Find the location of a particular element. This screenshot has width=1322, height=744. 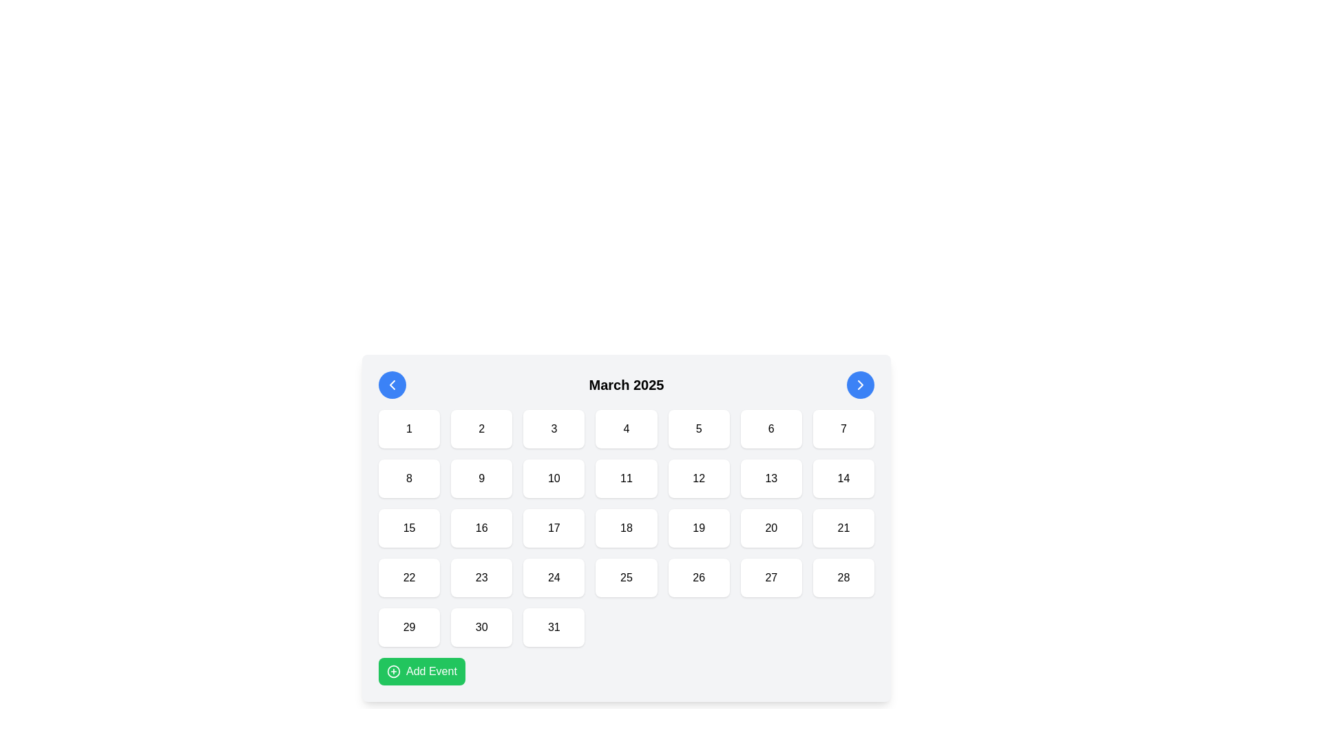

the button labeled '5', which is a rectangular button with rounded corners and a white background is located at coordinates (699, 428).